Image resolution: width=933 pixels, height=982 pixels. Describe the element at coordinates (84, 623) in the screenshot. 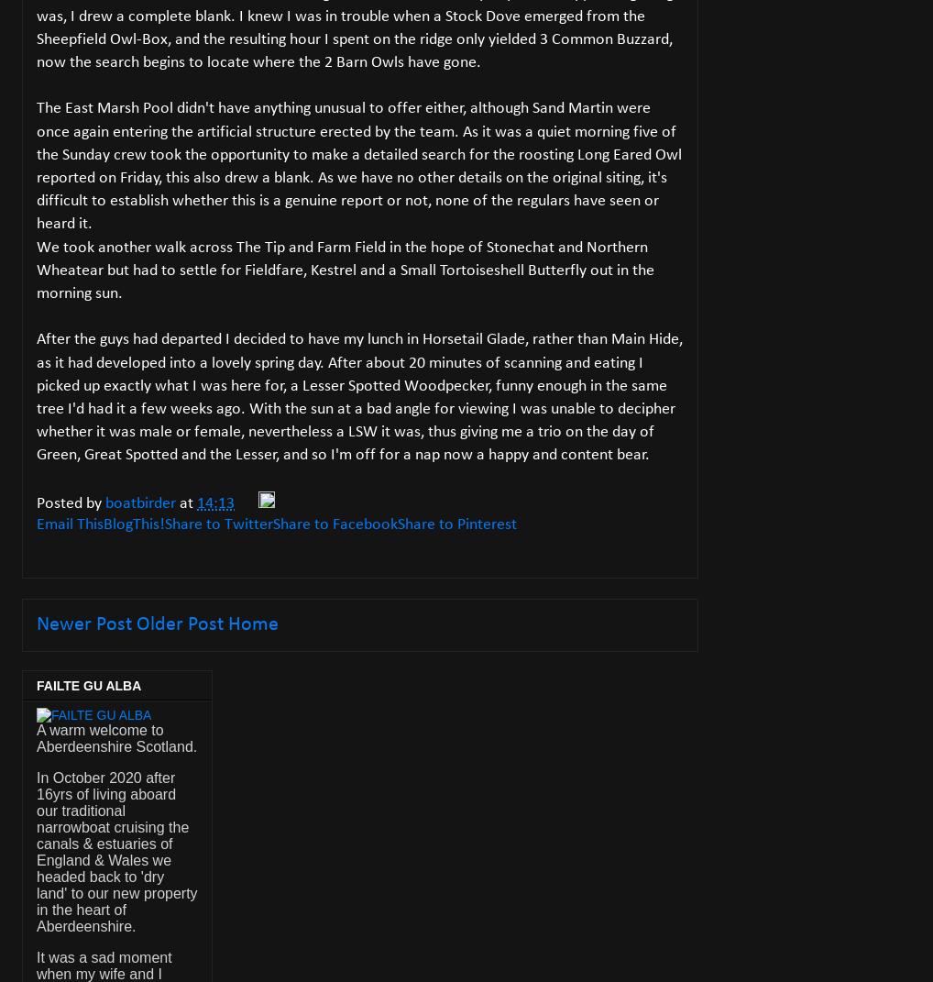

I see `'Newer Post'` at that location.